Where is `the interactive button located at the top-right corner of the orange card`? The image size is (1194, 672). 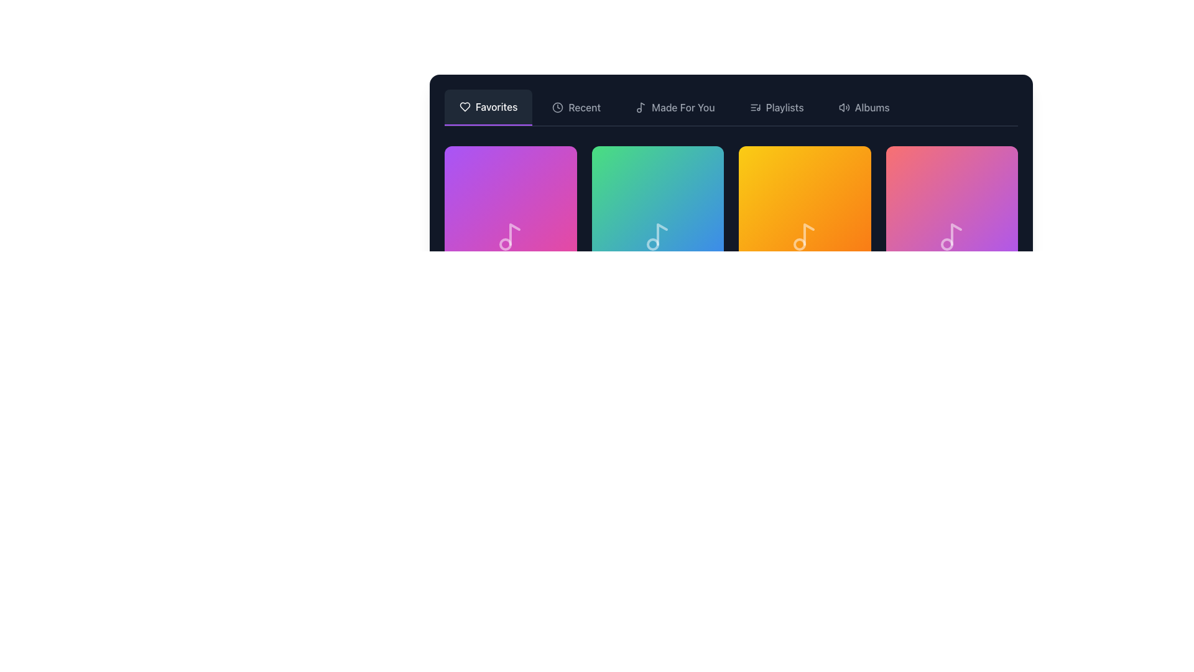 the interactive button located at the top-right corner of the orange card is located at coordinates (838, 165).